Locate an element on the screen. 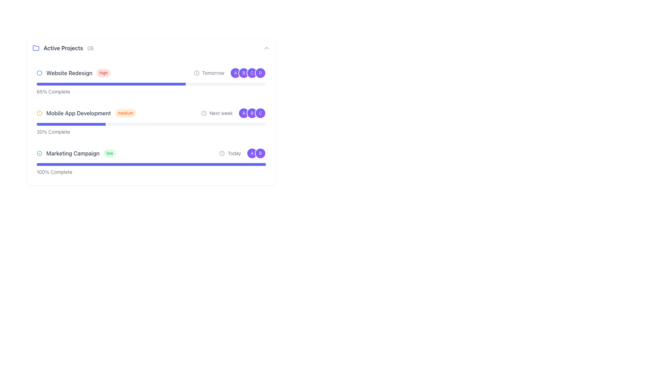 The width and height of the screenshot is (665, 374). the static text label that serves as the title for a project entry, located between a blue circle icon and a 'high' priority label is located at coordinates (69, 73).